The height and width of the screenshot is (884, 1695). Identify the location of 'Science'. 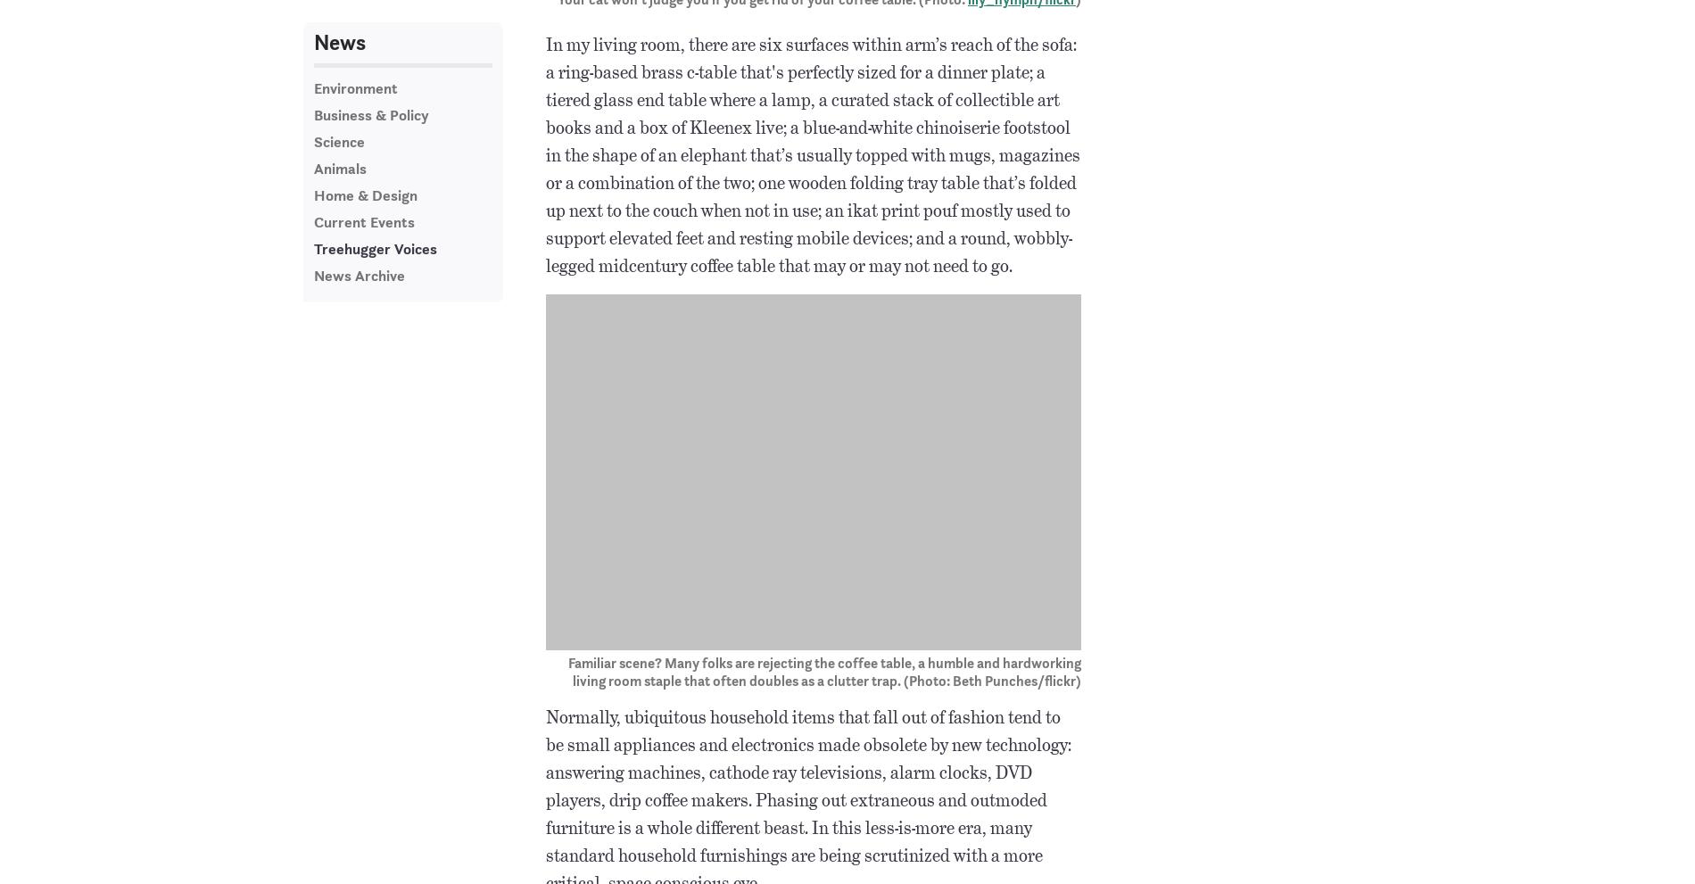
(338, 140).